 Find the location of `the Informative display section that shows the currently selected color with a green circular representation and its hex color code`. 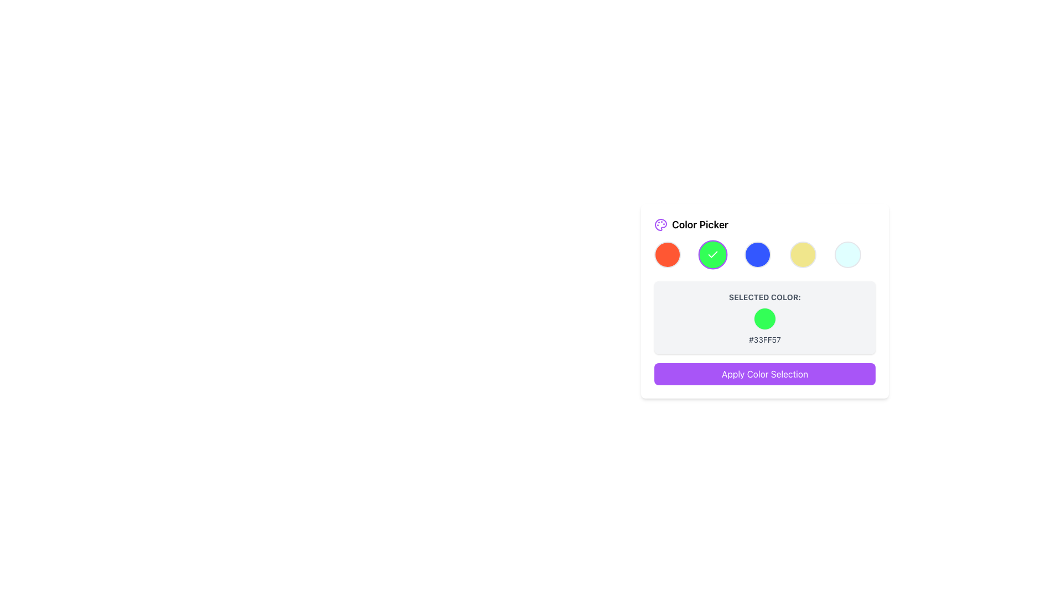

the Informative display section that shows the currently selected color with a green circular representation and its hex color code is located at coordinates (764, 317).